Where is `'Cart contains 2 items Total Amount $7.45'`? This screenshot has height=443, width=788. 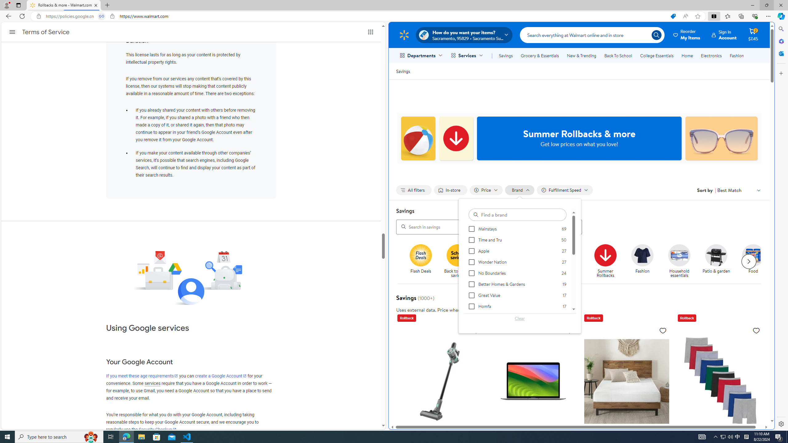 'Cart contains 2 items Total Amount $7.45' is located at coordinates (753, 34).